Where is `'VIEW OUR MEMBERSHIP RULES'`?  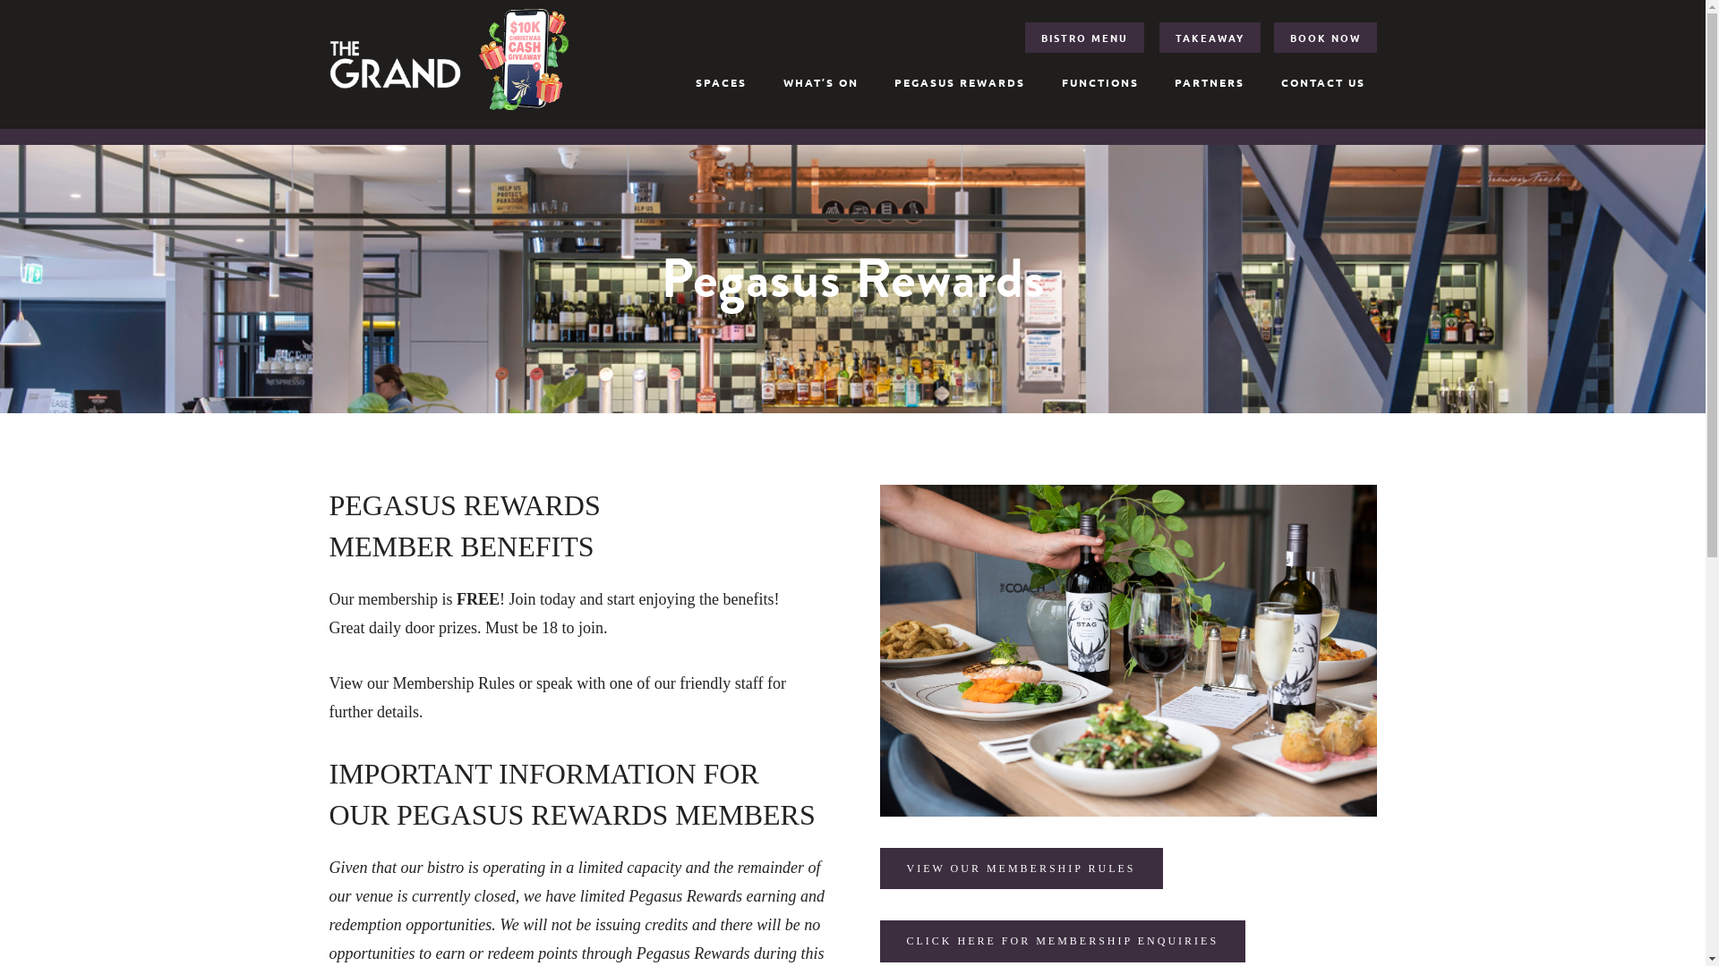
'VIEW OUR MEMBERSHIP RULES' is located at coordinates (879, 868).